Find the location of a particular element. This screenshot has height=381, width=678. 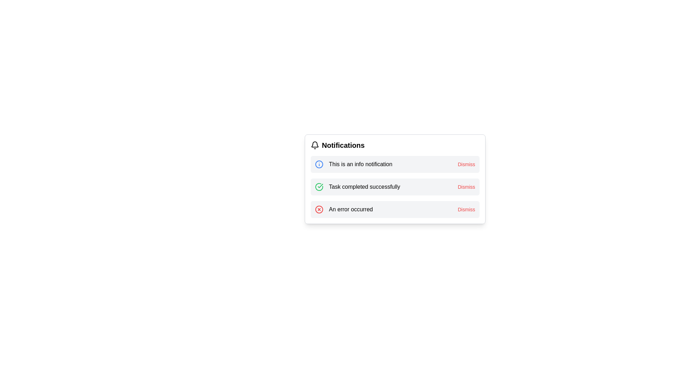

the circular red icon with a white background and a red 'X' symbolizing an error, located to the left of the text 'An error occurred' in the lower row of the notification component is located at coordinates (319, 209).